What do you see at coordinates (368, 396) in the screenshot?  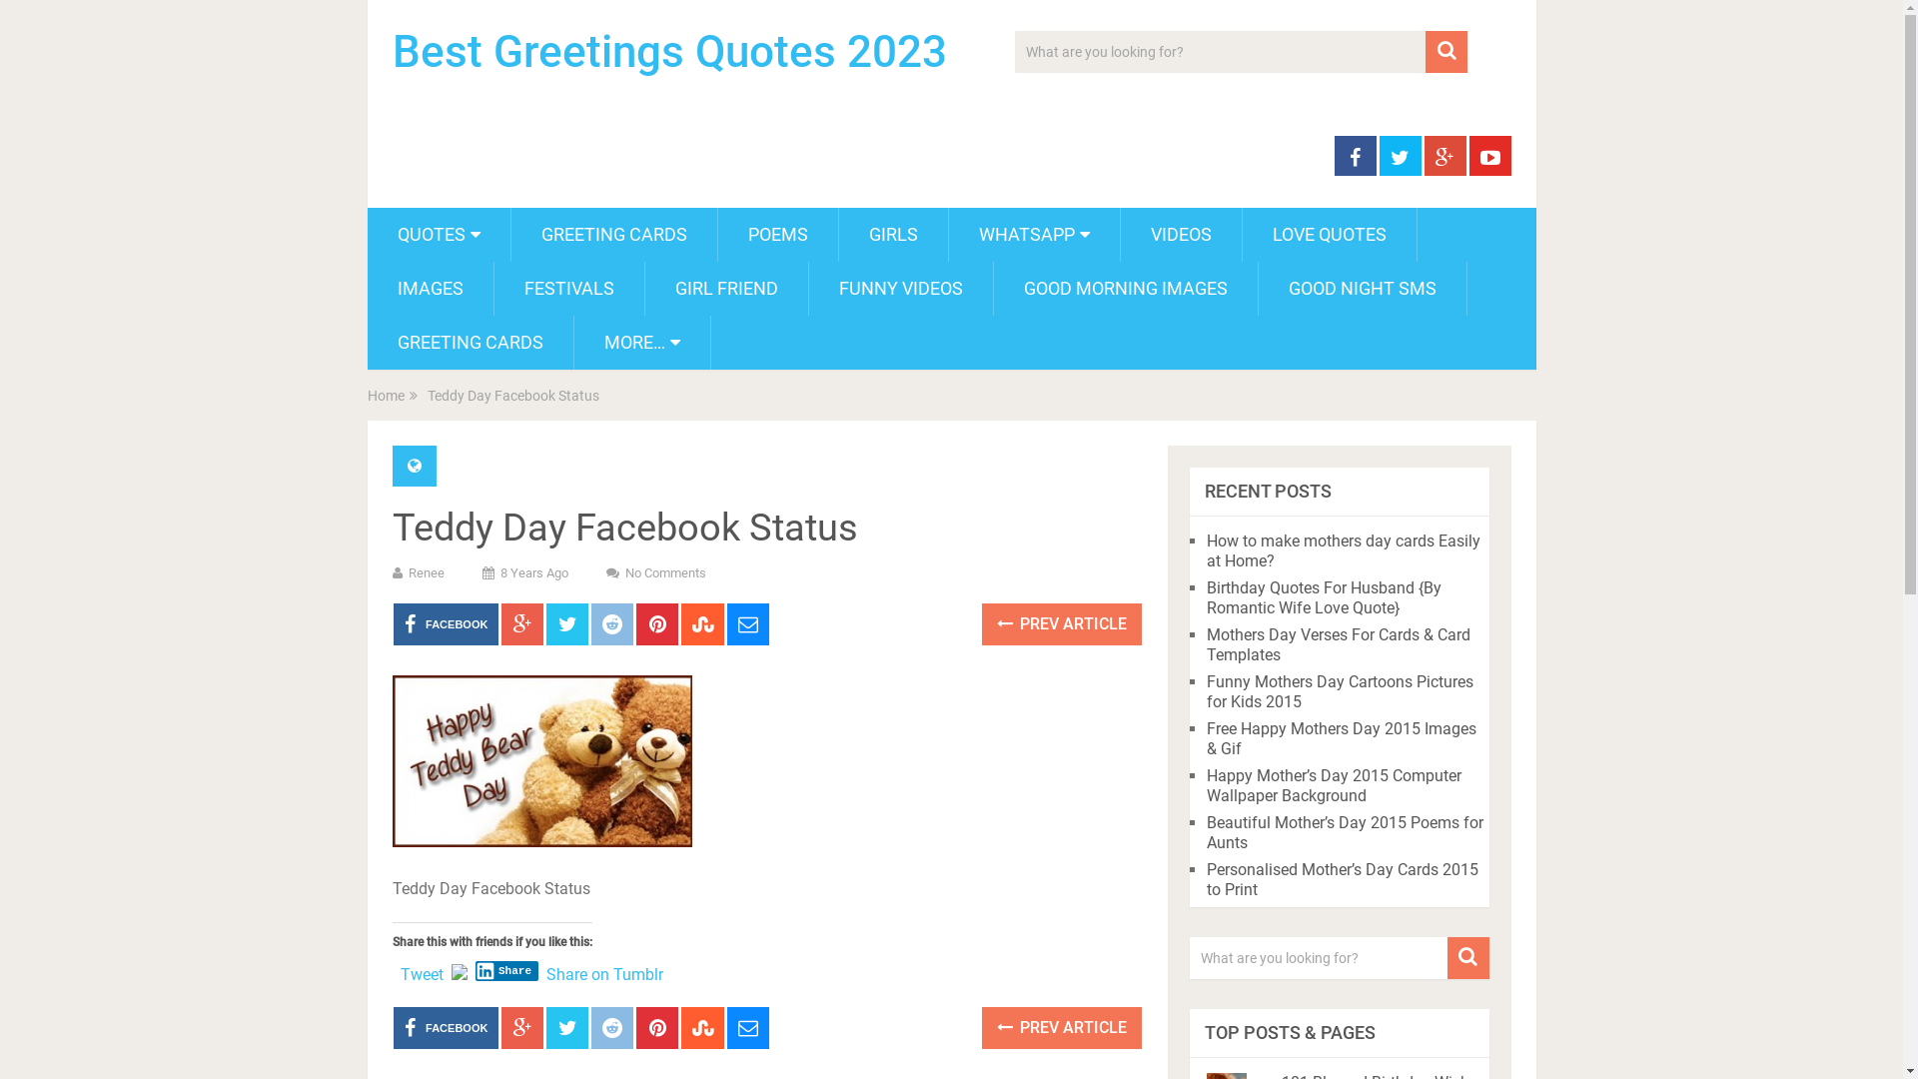 I see `'Home'` at bounding box center [368, 396].